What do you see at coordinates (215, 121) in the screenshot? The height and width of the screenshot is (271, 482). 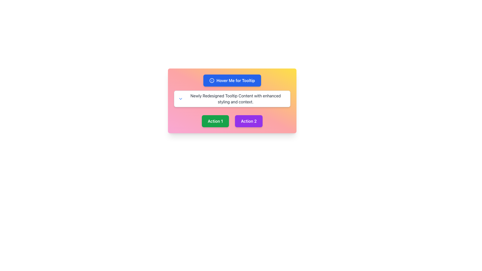 I see `the green button labeled 'Action 1' to observe visual feedback, located at the bottom portion of a centered card layout` at bounding box center [215, 121].